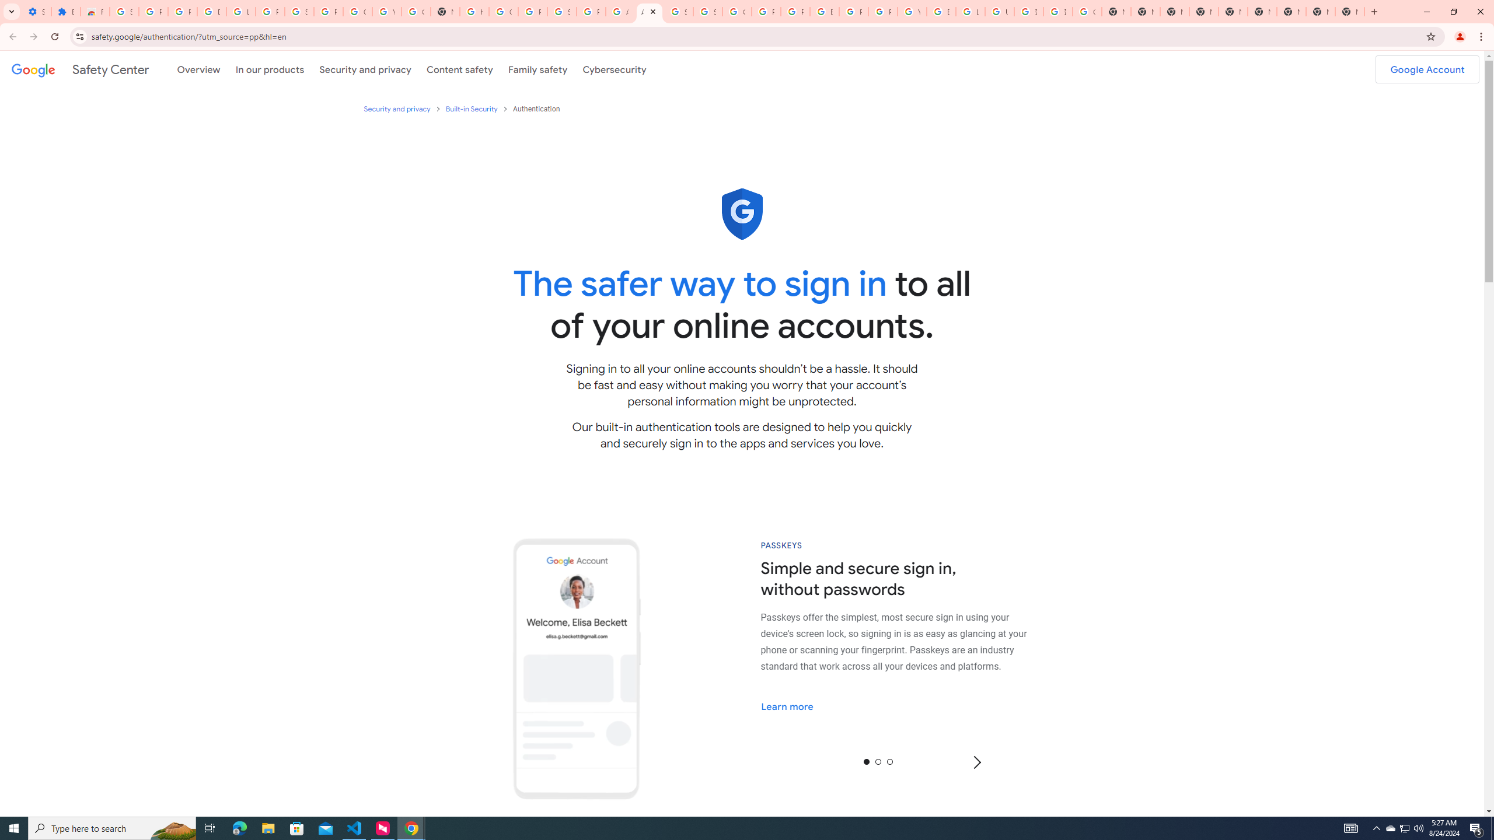 The width and height of the screenshot is (1494, 840). Describe the element at coordinates (95, 11) in the screenshot. I see `'Reviews: Helix Fruit Jump Arcade Game'` at that location.